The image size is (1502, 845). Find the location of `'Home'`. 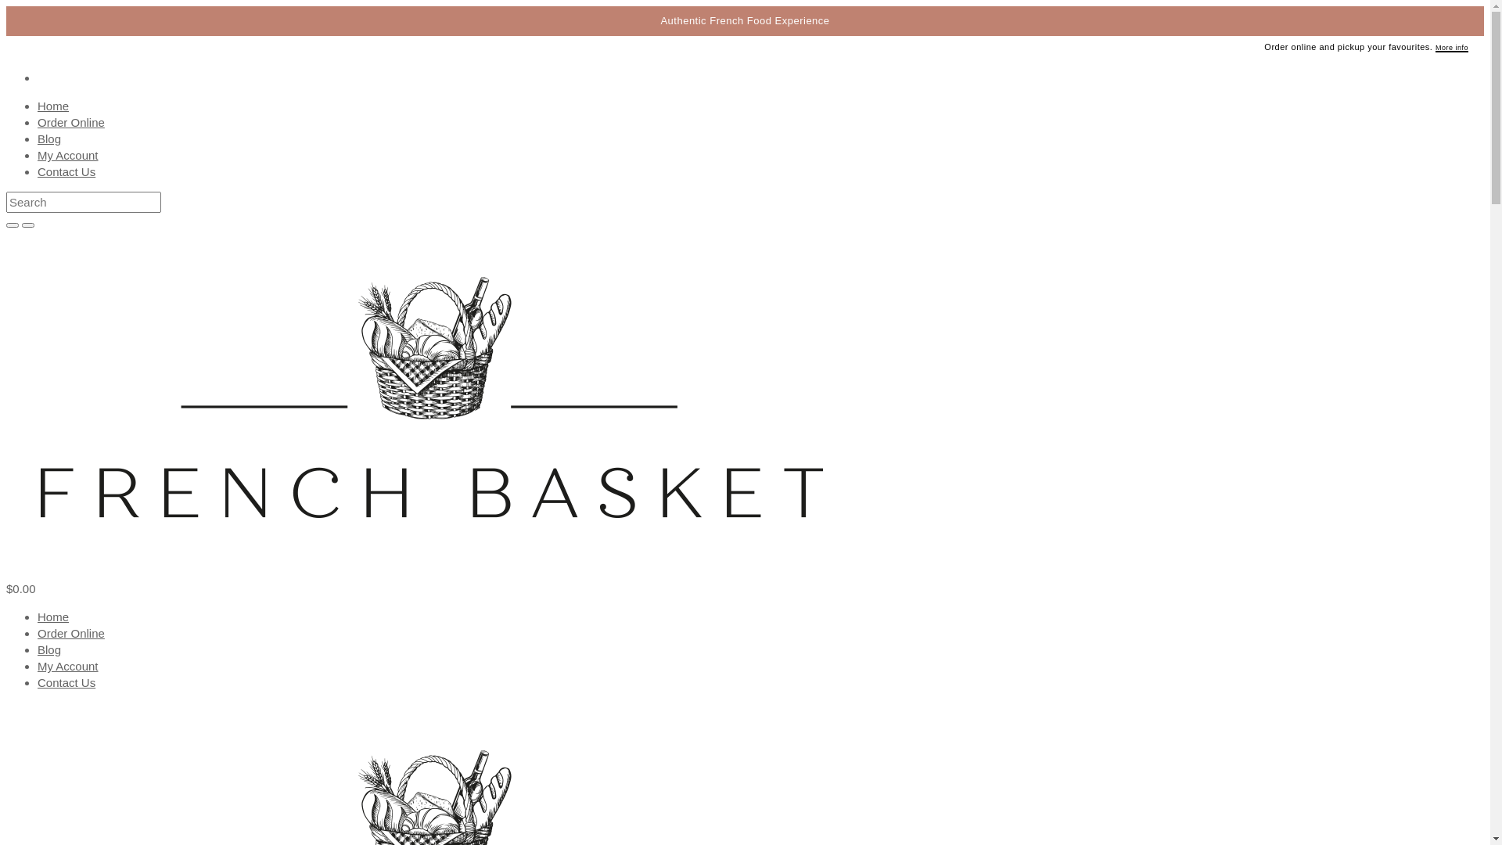

'Home' is located at coordinates (52, 616).